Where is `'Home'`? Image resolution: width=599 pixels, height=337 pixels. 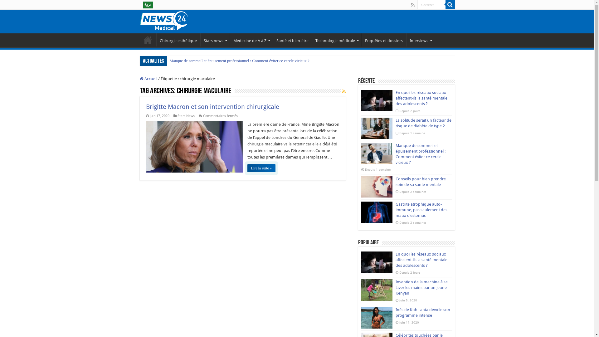
'Home' is located at coordinates (139, 40).